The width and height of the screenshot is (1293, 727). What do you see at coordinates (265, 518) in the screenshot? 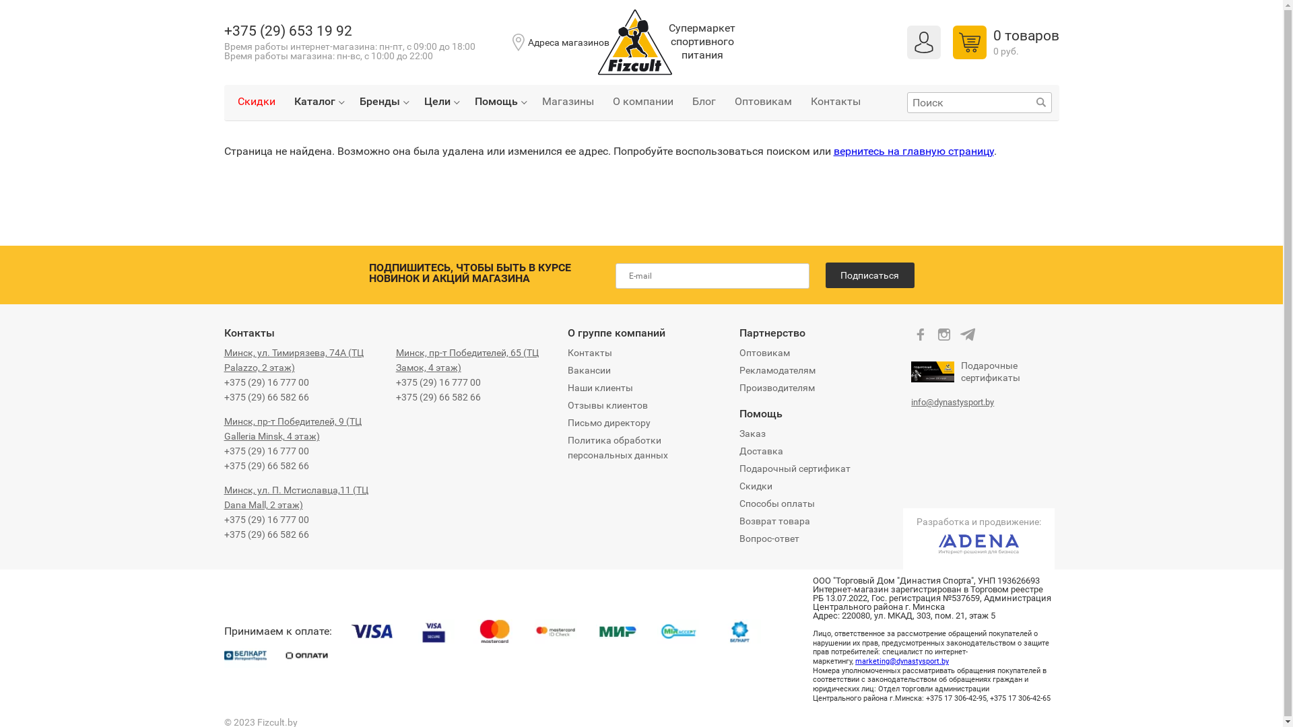
I see `'+375 (29) 16 777 00'` at bounding box center [265, 518].